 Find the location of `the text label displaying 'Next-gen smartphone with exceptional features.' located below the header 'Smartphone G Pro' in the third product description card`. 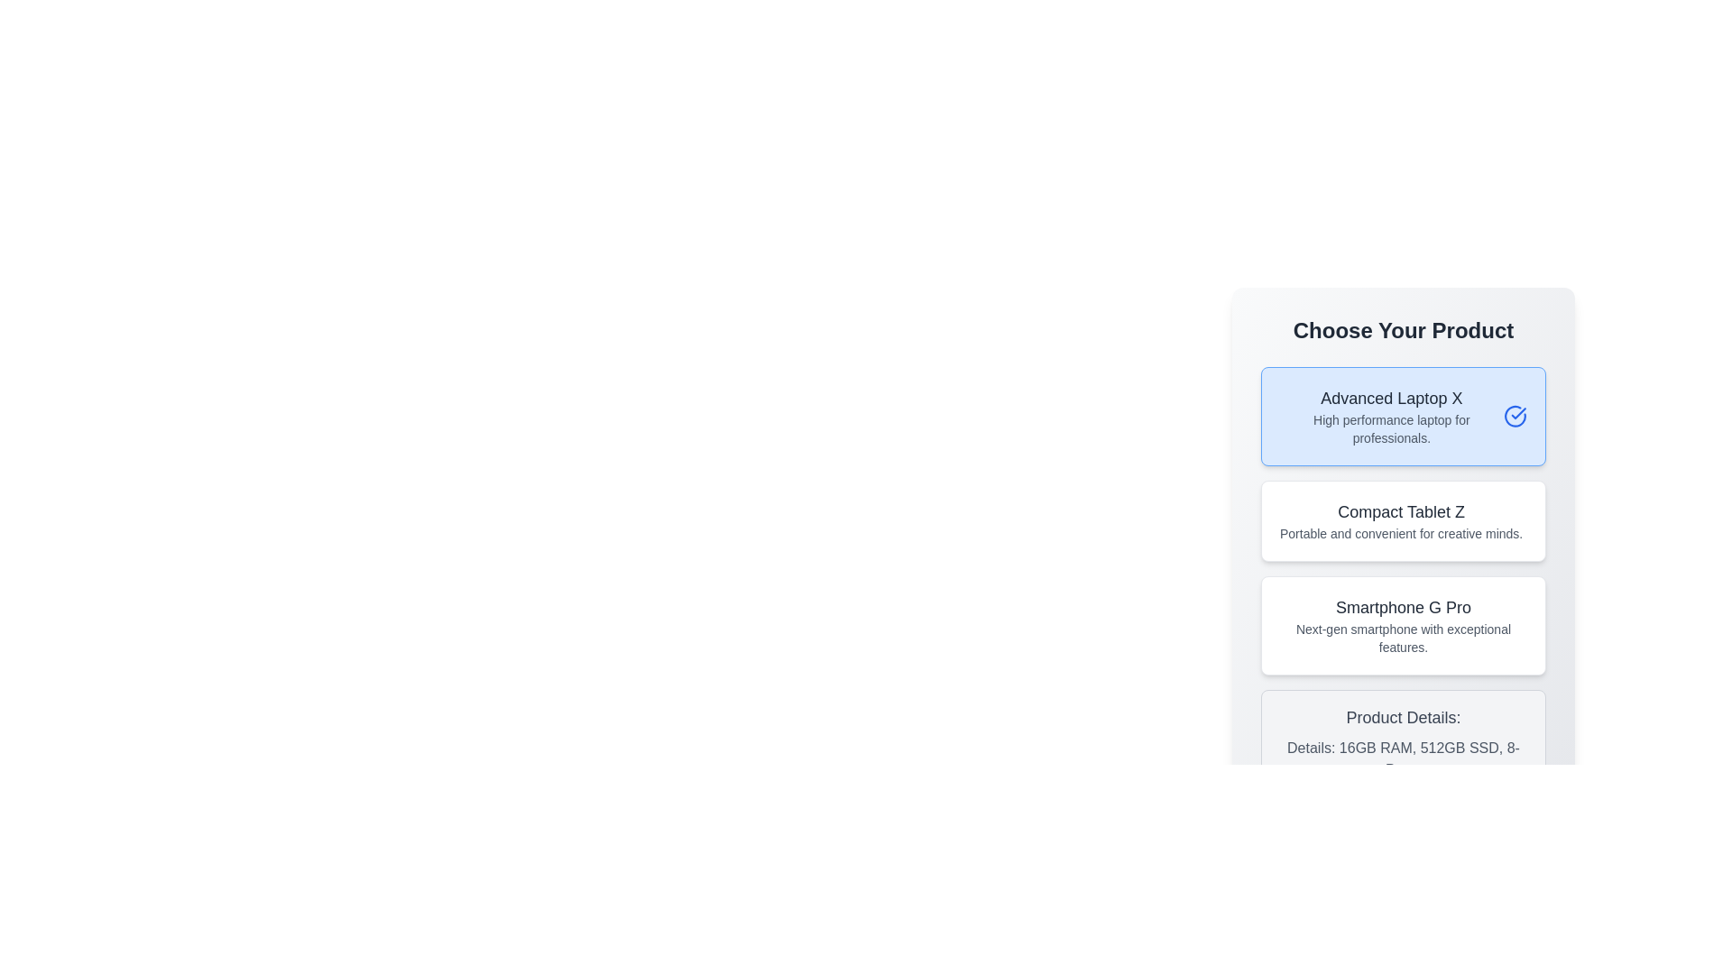

the text label displaying 'Next-gen smartphone with exceptional features.' located below the header 'Smartphone G Pro' in the third product description card is located at coordinates (1402, 638).